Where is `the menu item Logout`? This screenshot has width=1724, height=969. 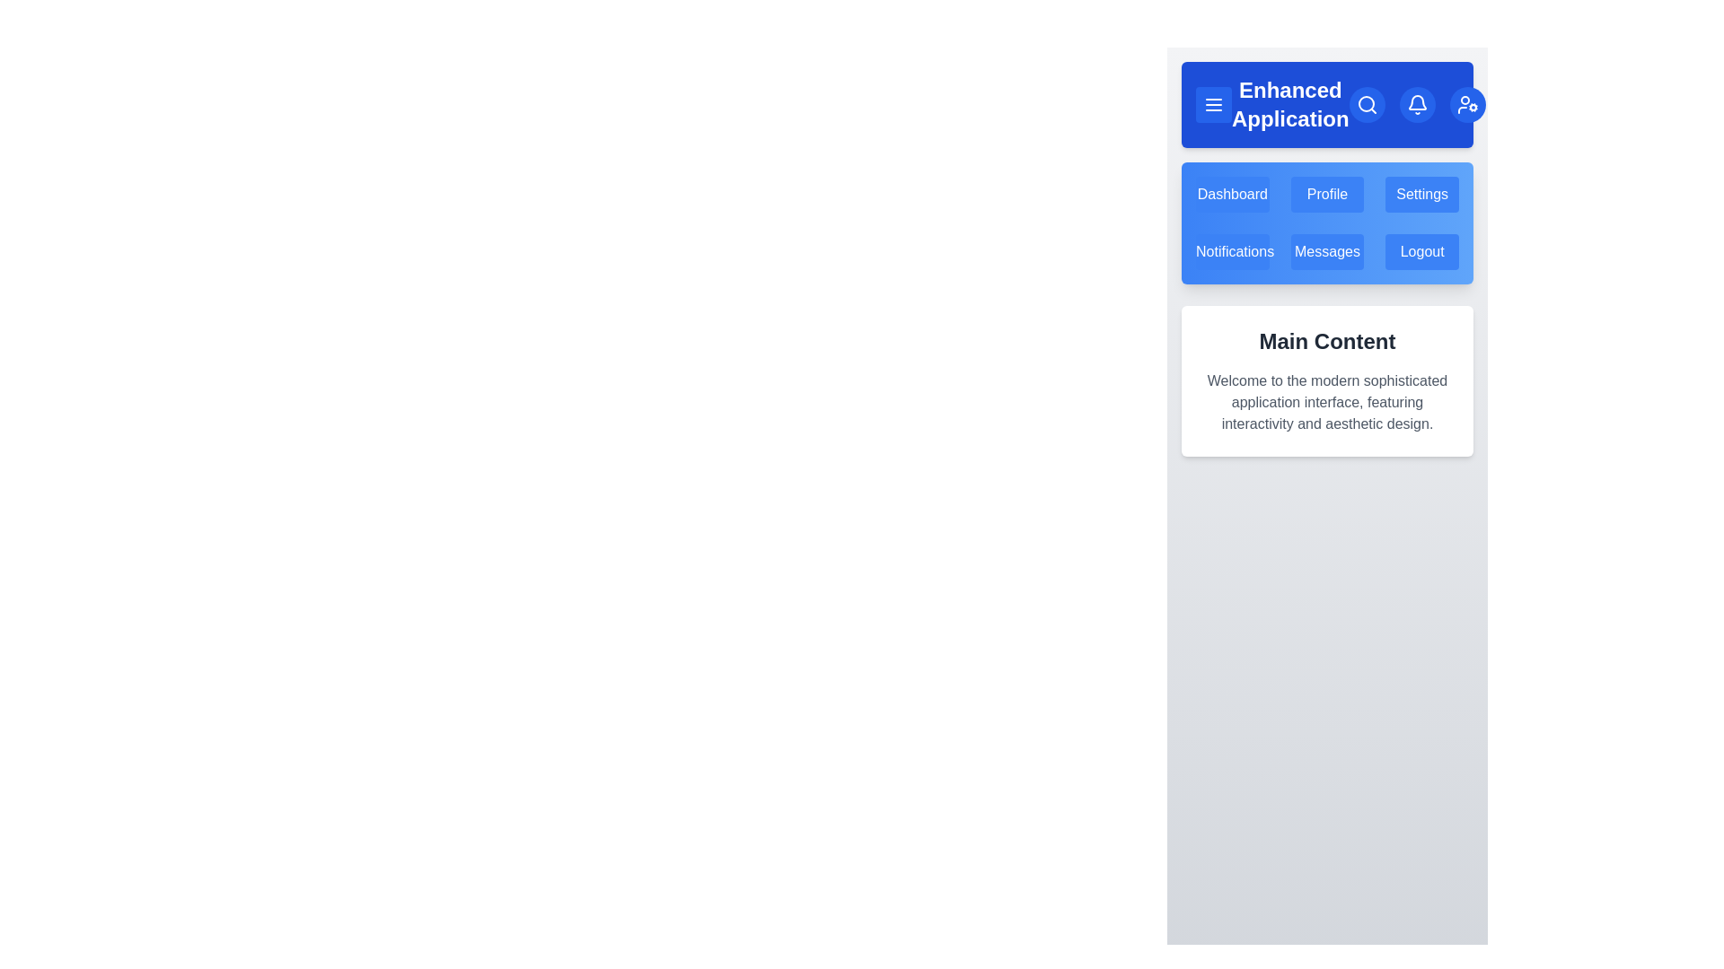 the menu item Logout is located at coordinates (1421, 252).